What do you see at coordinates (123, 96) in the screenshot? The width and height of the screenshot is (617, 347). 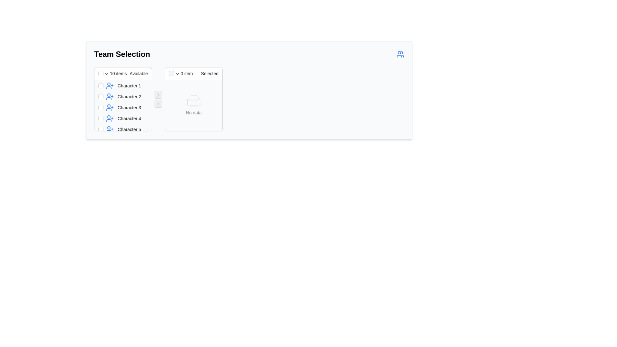 I see `the selectable list item labeled 'Character 2' with a checkbox and a blue user icon in the left panel titled '10 items Available'` at bounding box center [123, 96].